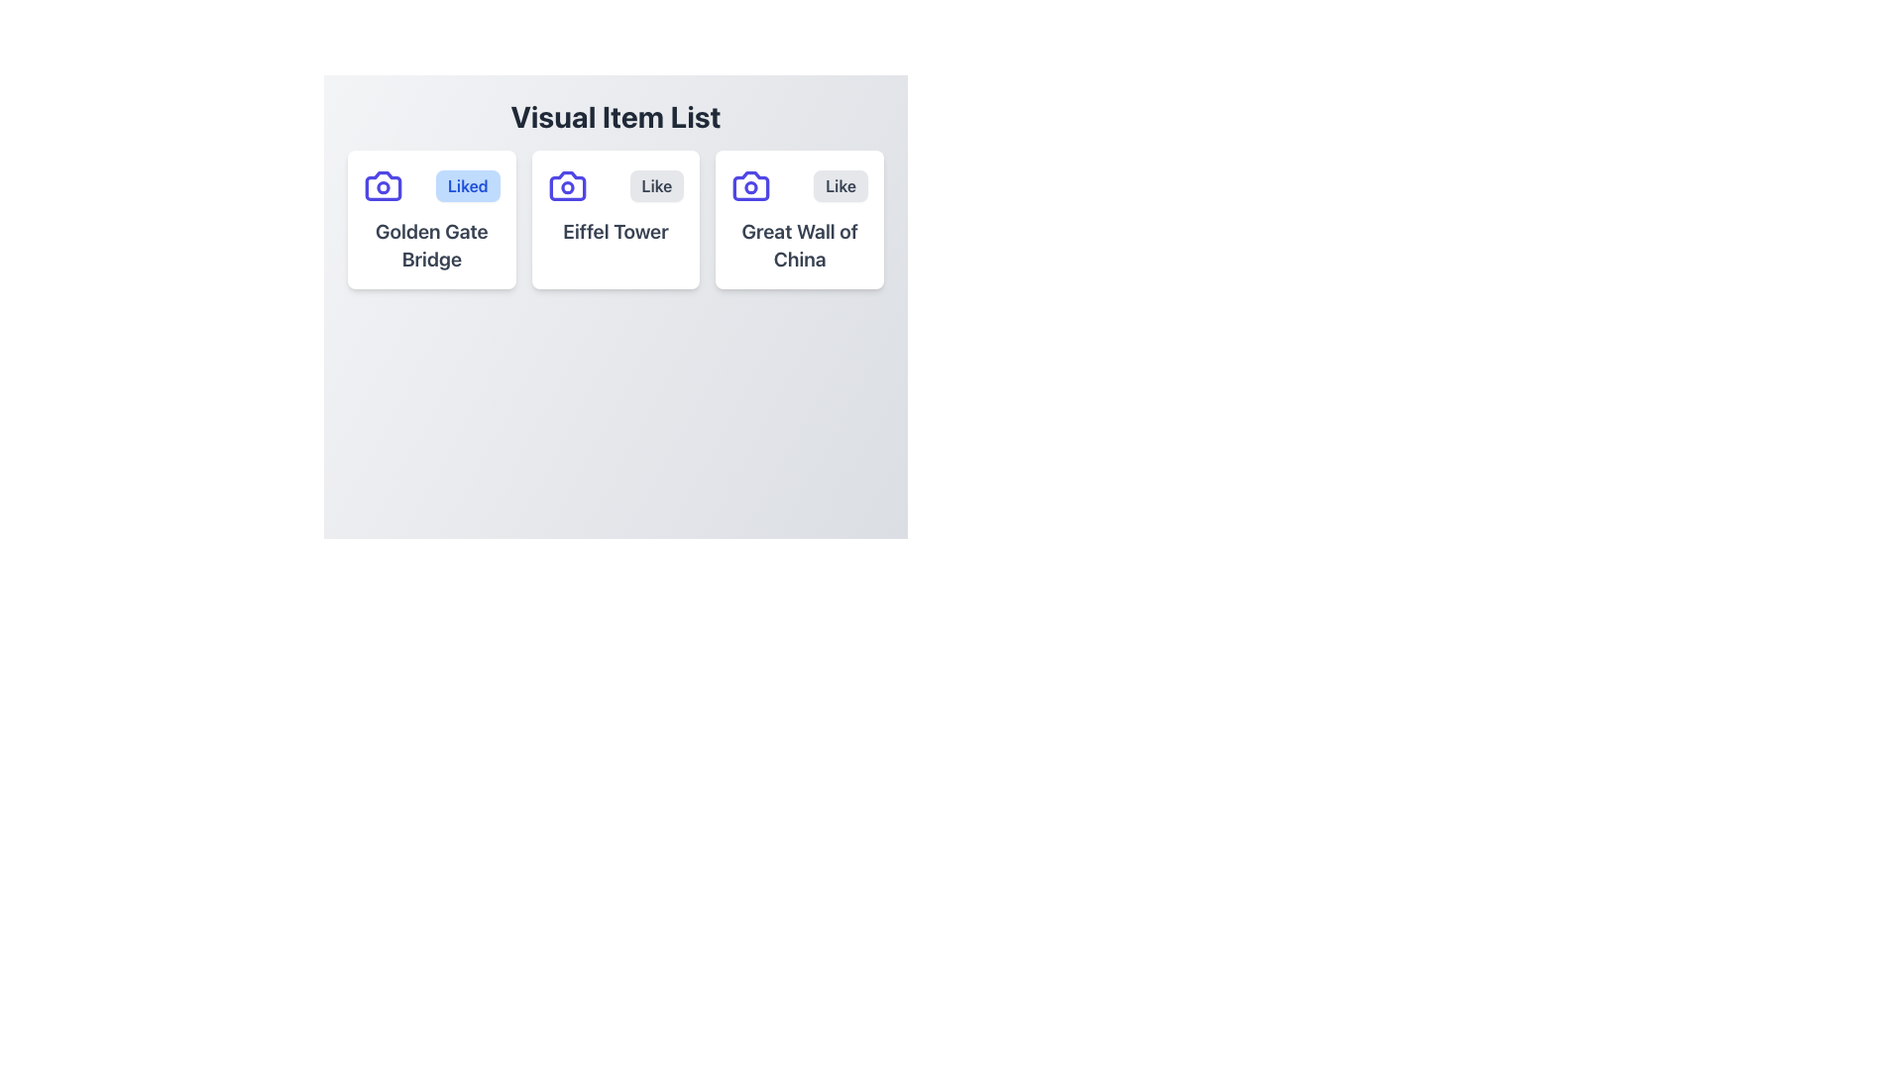 This screenshot has width=1903, height=1070. What do you see at coordinates (615, 220) in the screenshot?
I see `the visual card for the 'Eiffel Tower' item, which is the second card in the middle column of a three-column grid layout` at bounding box center [615, 220].